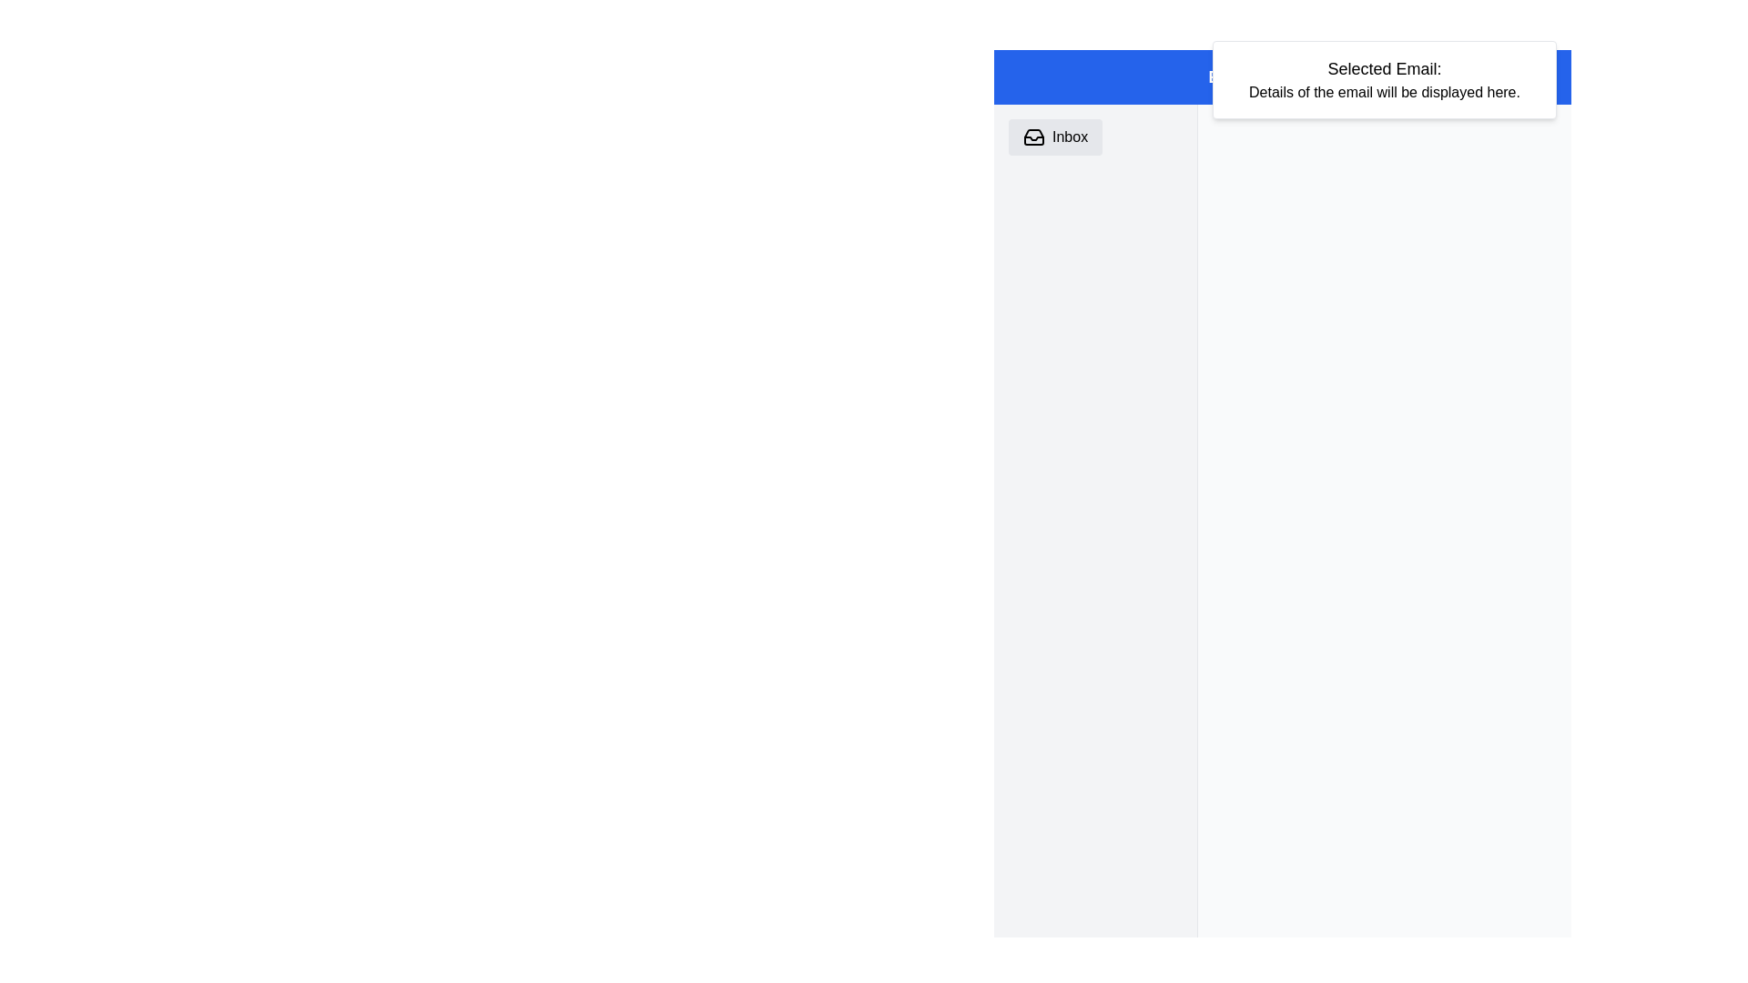  What do you see at coordinates (1055, 136) in the screenshot?
I see `the navigation button for accessing the Inbox section located in the left-hand sidebar, near the top of the panel` at bounding box center [1055, 136].